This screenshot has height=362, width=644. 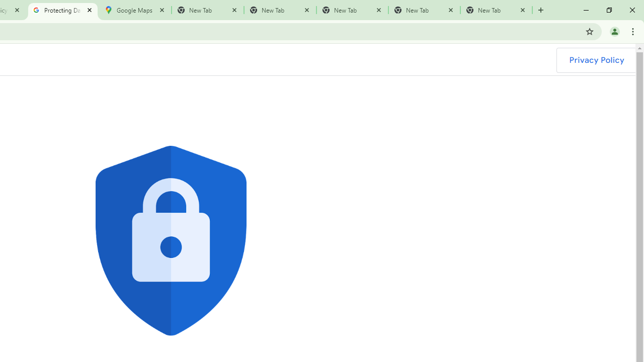 What do you see at coordinates (496, 10) in the screenshot?
I see `'New Tab'` at bounding box center [496, 10].